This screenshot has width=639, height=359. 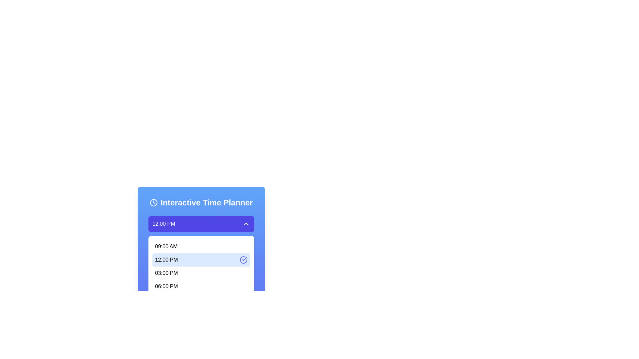 I want to click on the first list item displaying '09:00 AM', so click(x=201, y=246).